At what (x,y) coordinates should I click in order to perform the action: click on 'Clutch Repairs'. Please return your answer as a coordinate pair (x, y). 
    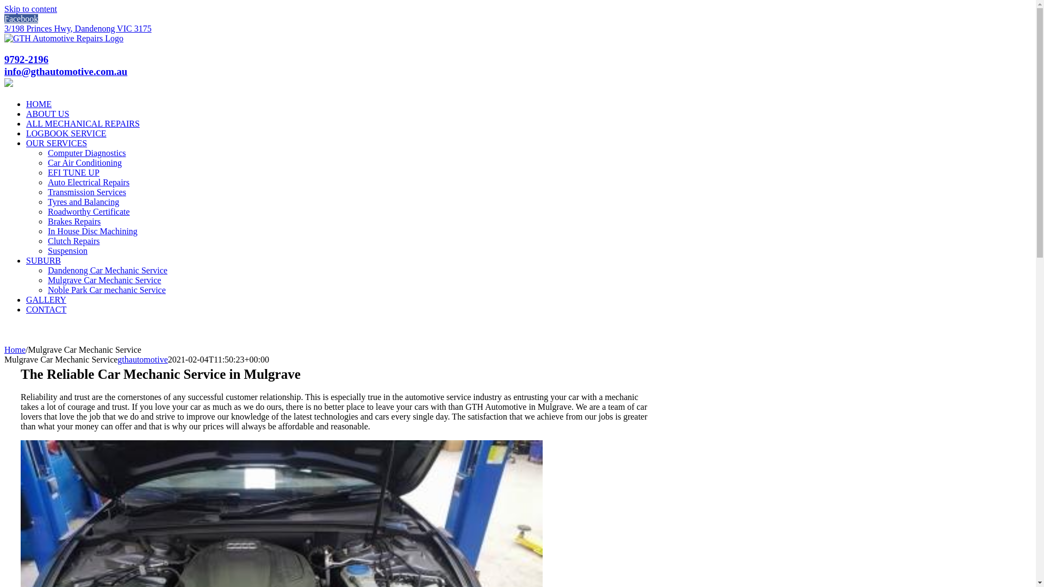
    Looking at the image, I should click on (73, 240).